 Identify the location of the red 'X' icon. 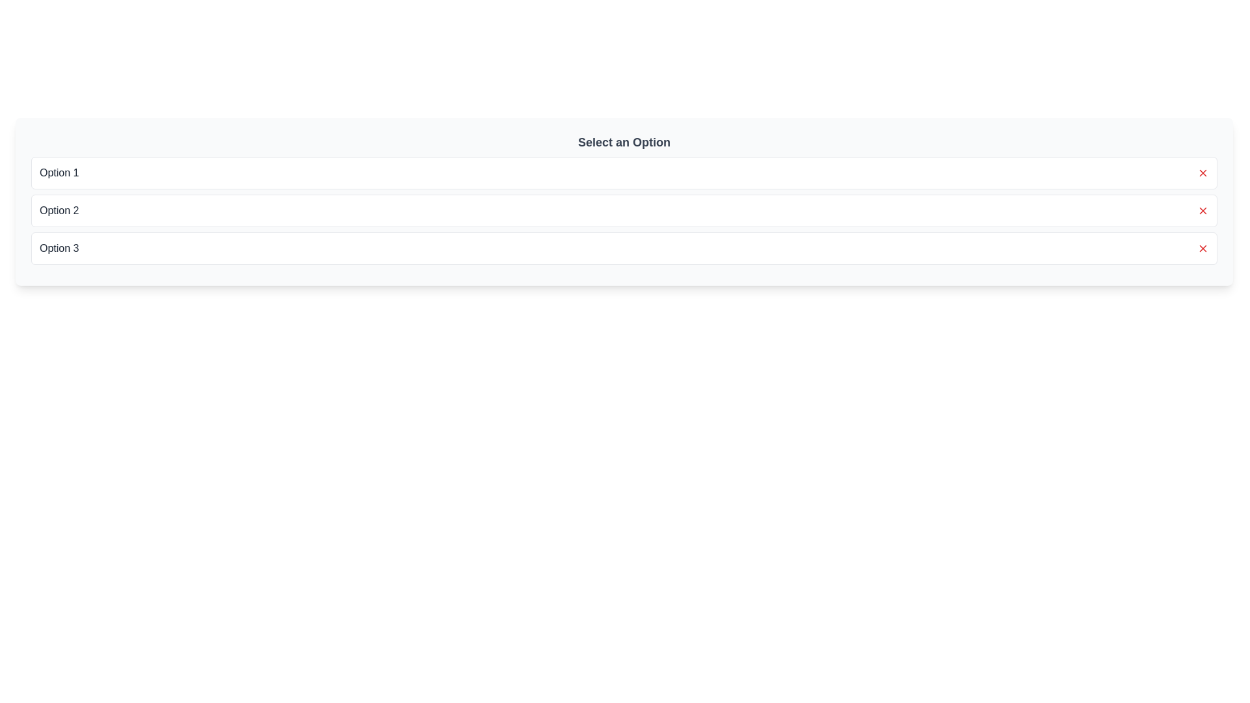
(1202, 210).